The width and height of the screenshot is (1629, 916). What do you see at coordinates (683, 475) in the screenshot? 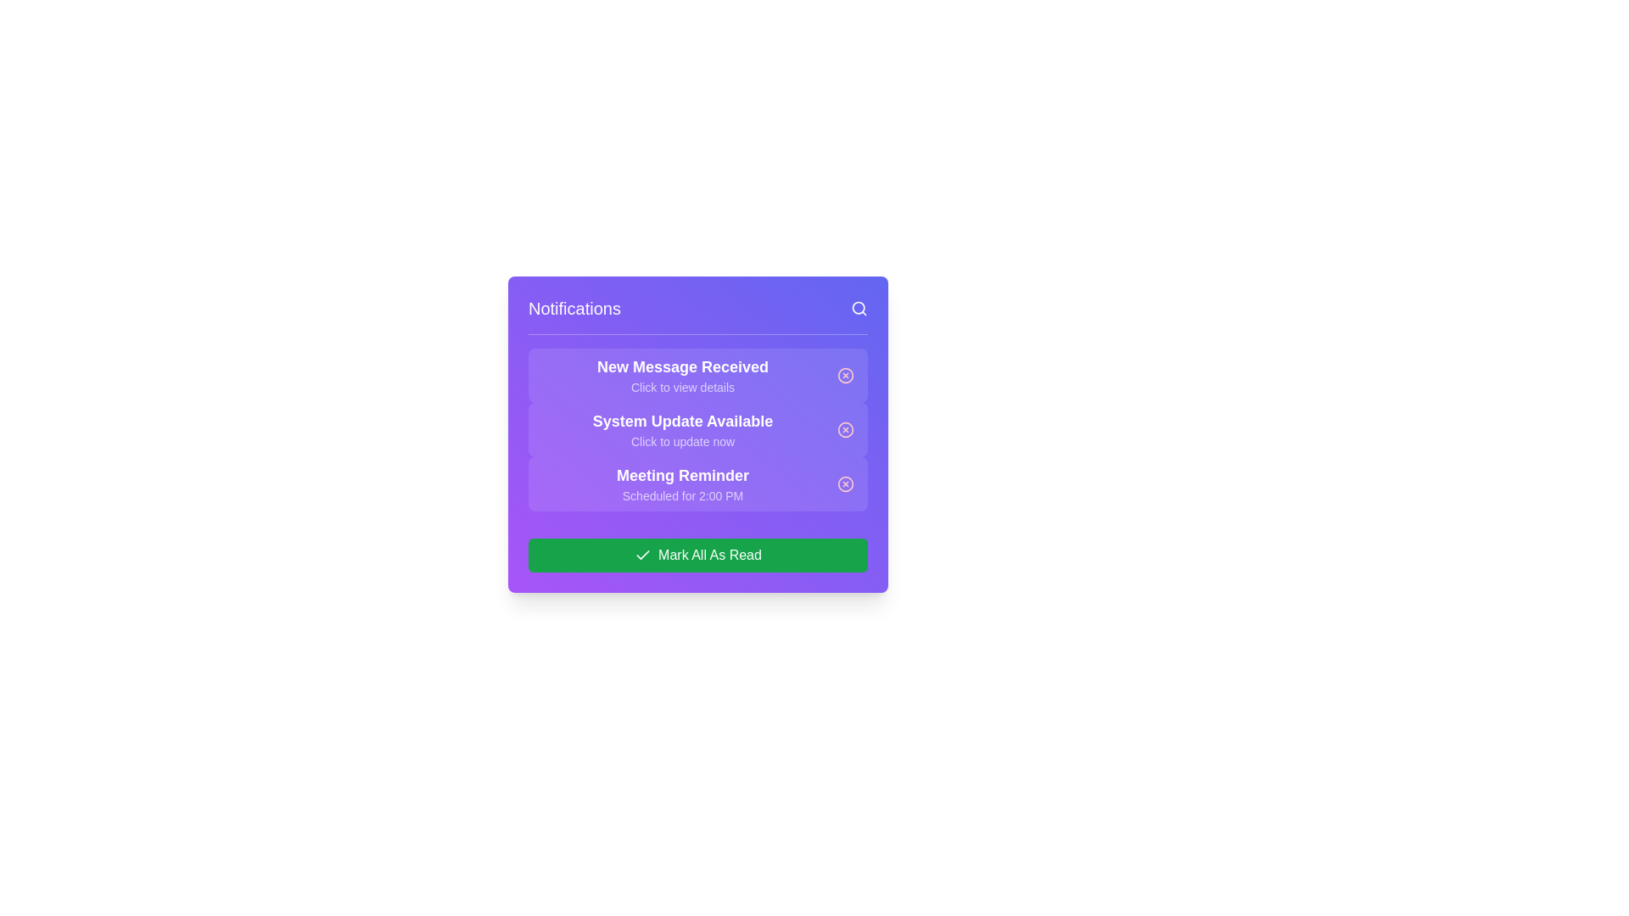
I see `the text label displaying 'Meeting Reminder' which is in bold, large white font on a purple background, positioned above 'Scheduled for 2:00 PM'` at bounding box center [683, 475].